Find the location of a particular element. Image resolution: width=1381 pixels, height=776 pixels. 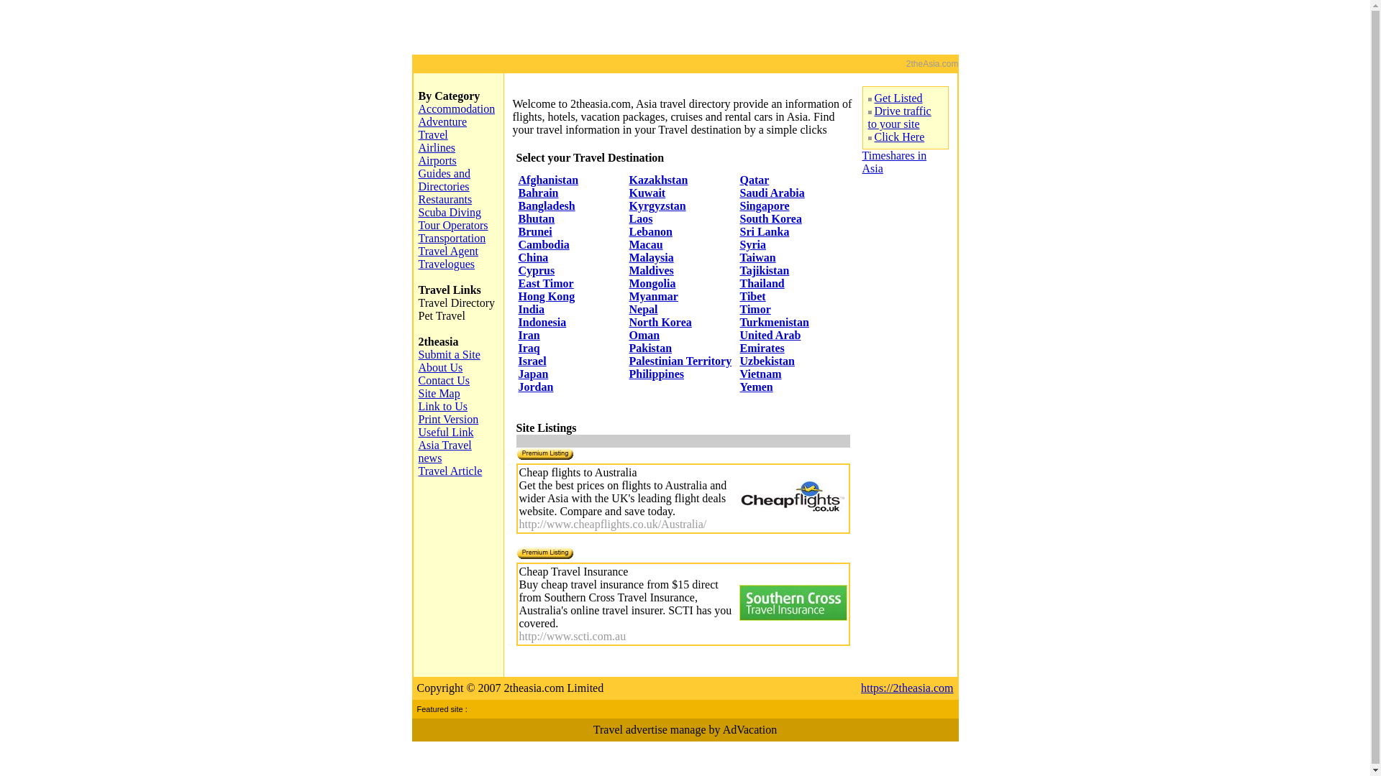

'Travel Agent' is located at coordinates (417, 250).